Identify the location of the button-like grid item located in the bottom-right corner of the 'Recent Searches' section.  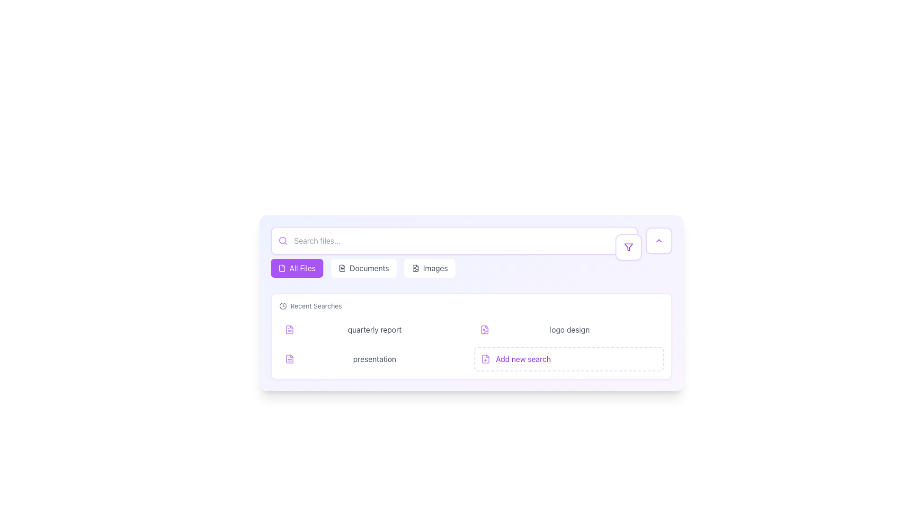
(471, 345).